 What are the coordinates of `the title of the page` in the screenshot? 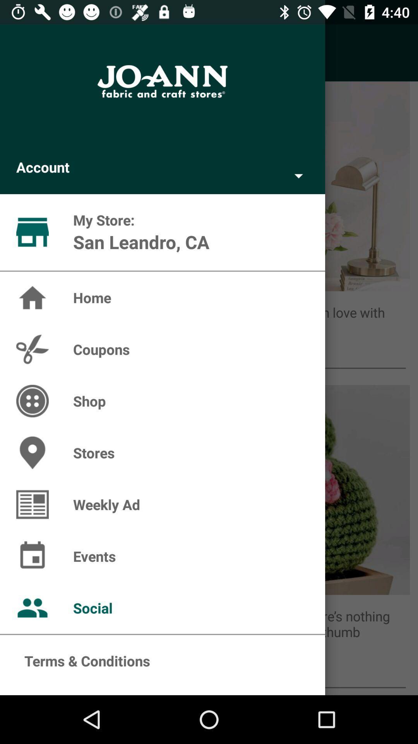 It's located at (162, 81).